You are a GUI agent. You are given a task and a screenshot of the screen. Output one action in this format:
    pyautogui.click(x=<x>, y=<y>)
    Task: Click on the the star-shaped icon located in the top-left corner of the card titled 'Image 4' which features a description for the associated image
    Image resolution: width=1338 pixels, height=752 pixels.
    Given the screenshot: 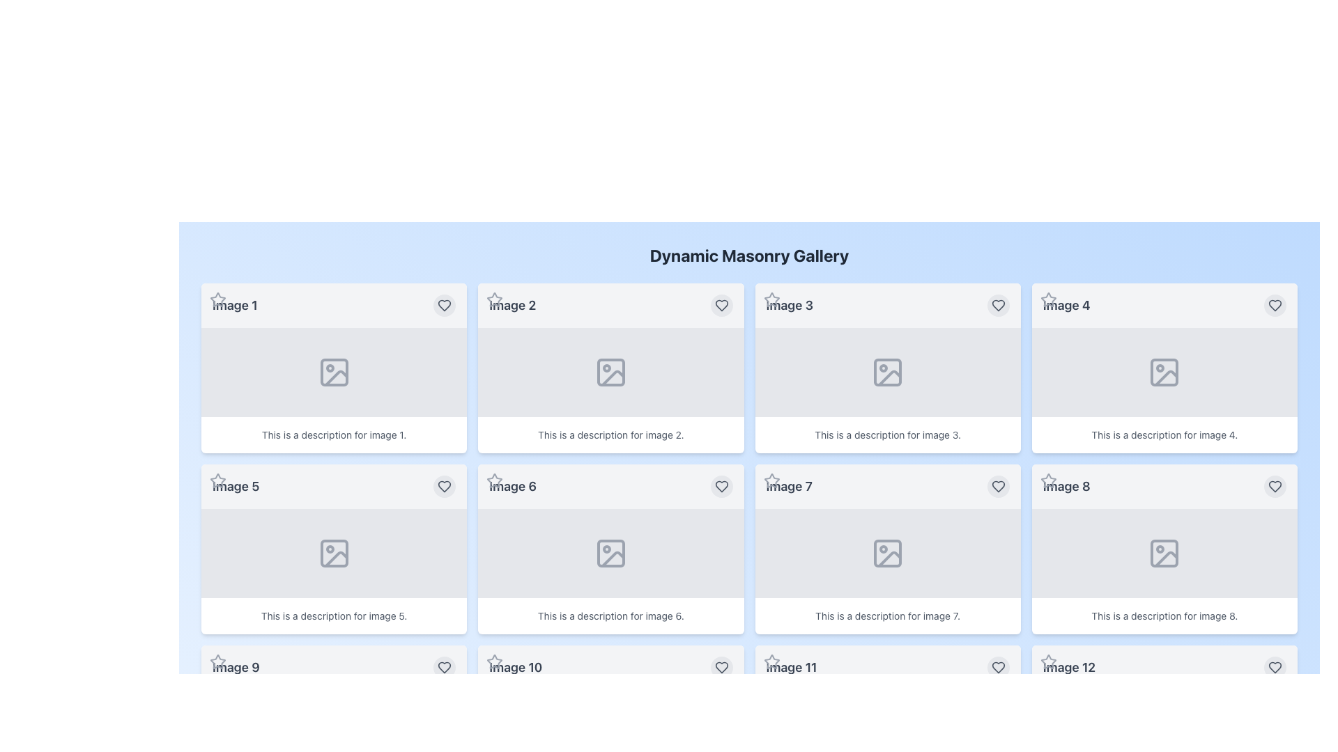 What is the action you would take?
    pyautogui.click(x=1048, y=299)
    